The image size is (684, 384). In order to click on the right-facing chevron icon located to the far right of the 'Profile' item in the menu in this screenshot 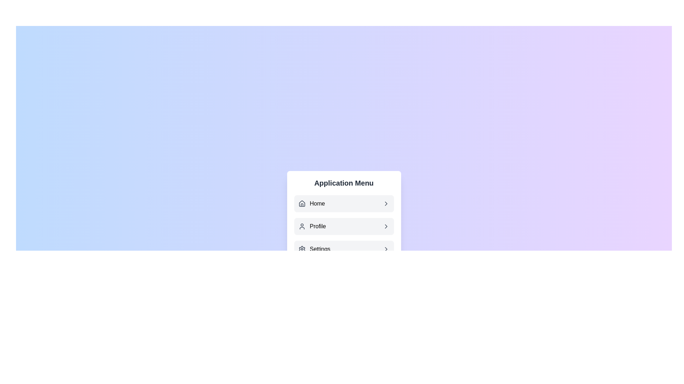, I will do `click(385, 226)`.